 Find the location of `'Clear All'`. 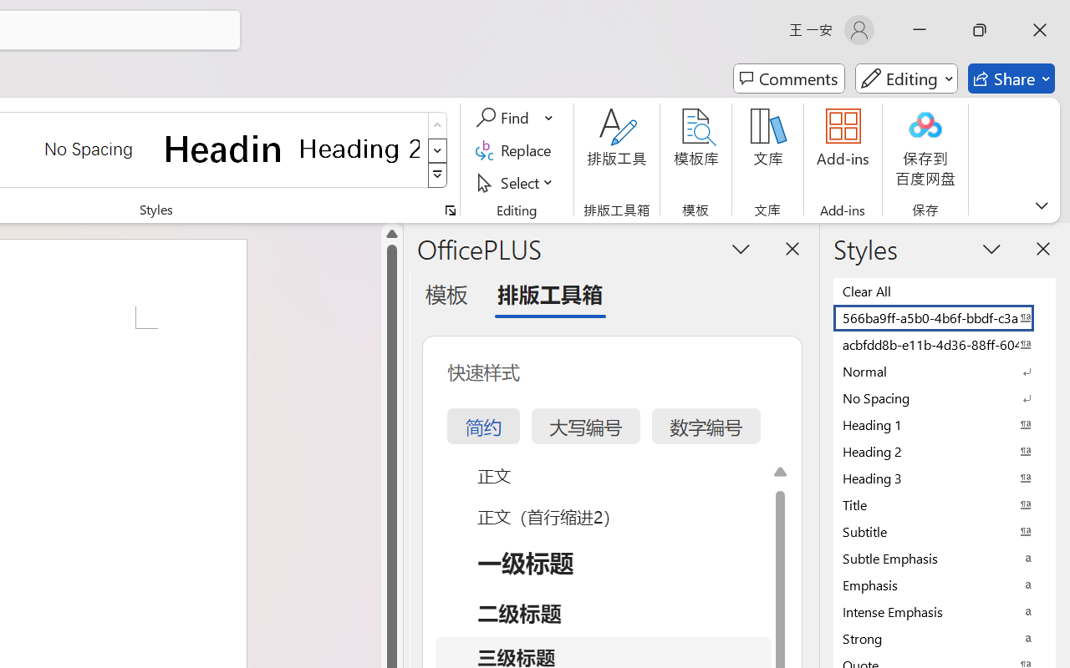

'Clear All' is located at coordinates (945, 291).